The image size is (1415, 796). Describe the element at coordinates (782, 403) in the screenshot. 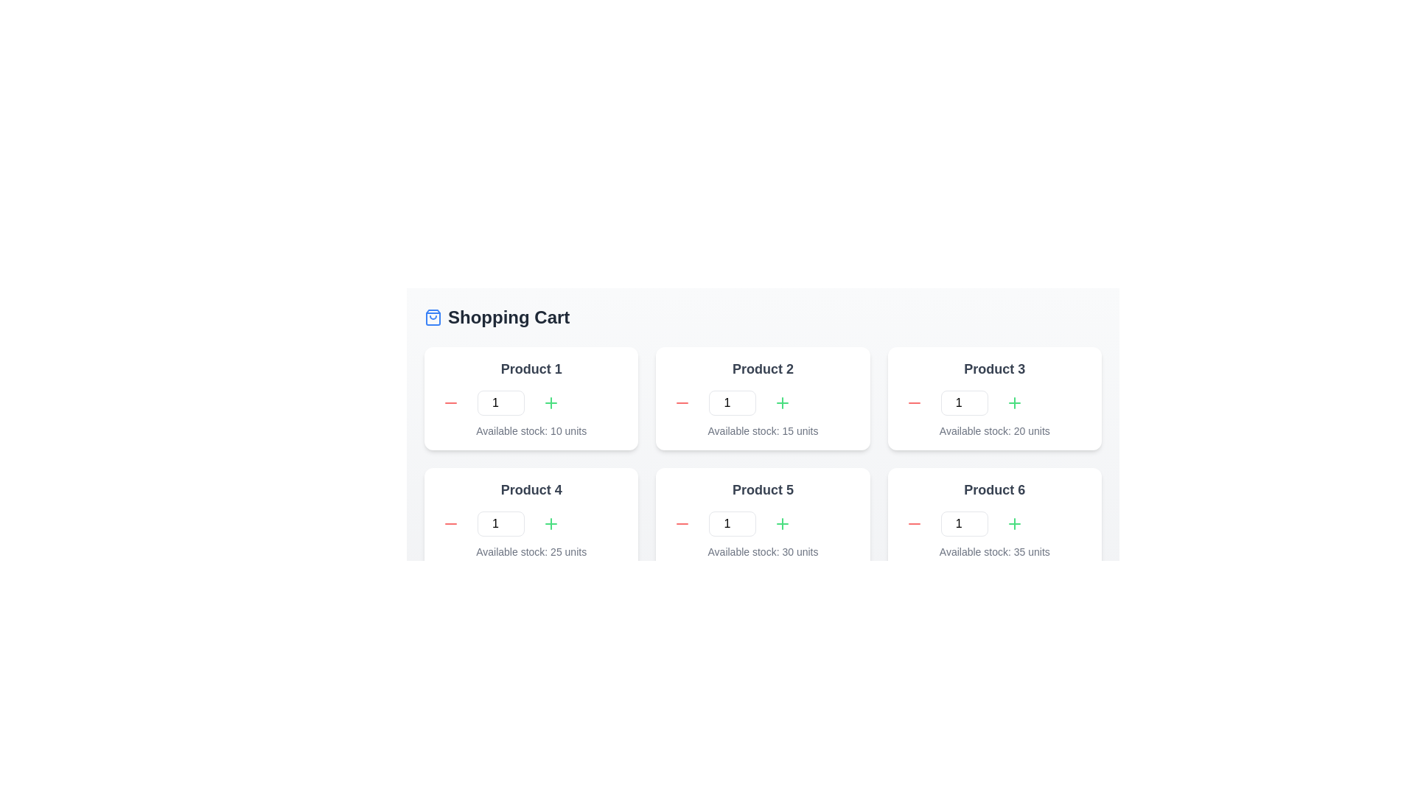

I see `the green plus icon button located on the right side of the quantity selector for 'Product 2' to increase the quantity` at that location.